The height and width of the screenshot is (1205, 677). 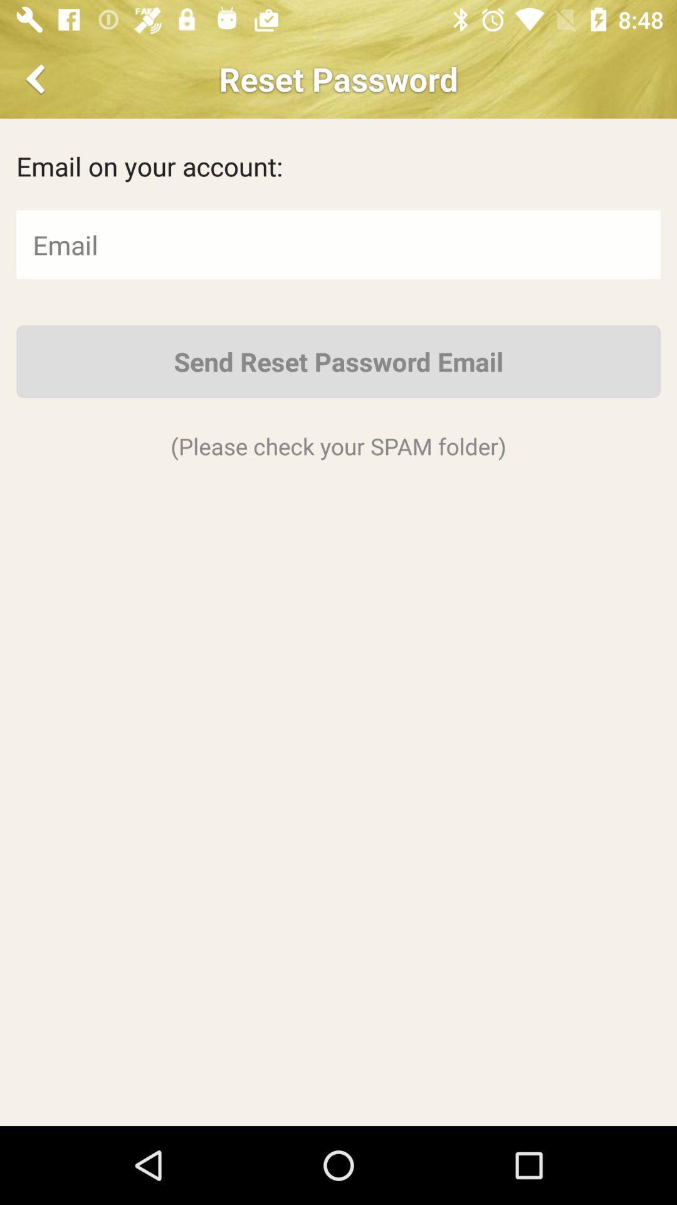 What do you see at coordinates (338, 244) in the screenshot?
I see `input your email address` at bounding box center [338, 244].